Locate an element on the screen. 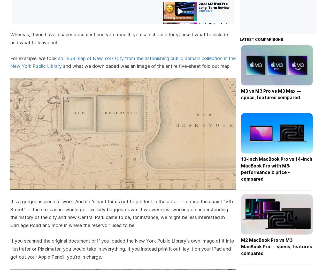 This screenshot has height=270, width=323. 'M2 MacBook Pro vs M3 MacBook Pro —  specs, features compared' is located at coordinates (276, 246).